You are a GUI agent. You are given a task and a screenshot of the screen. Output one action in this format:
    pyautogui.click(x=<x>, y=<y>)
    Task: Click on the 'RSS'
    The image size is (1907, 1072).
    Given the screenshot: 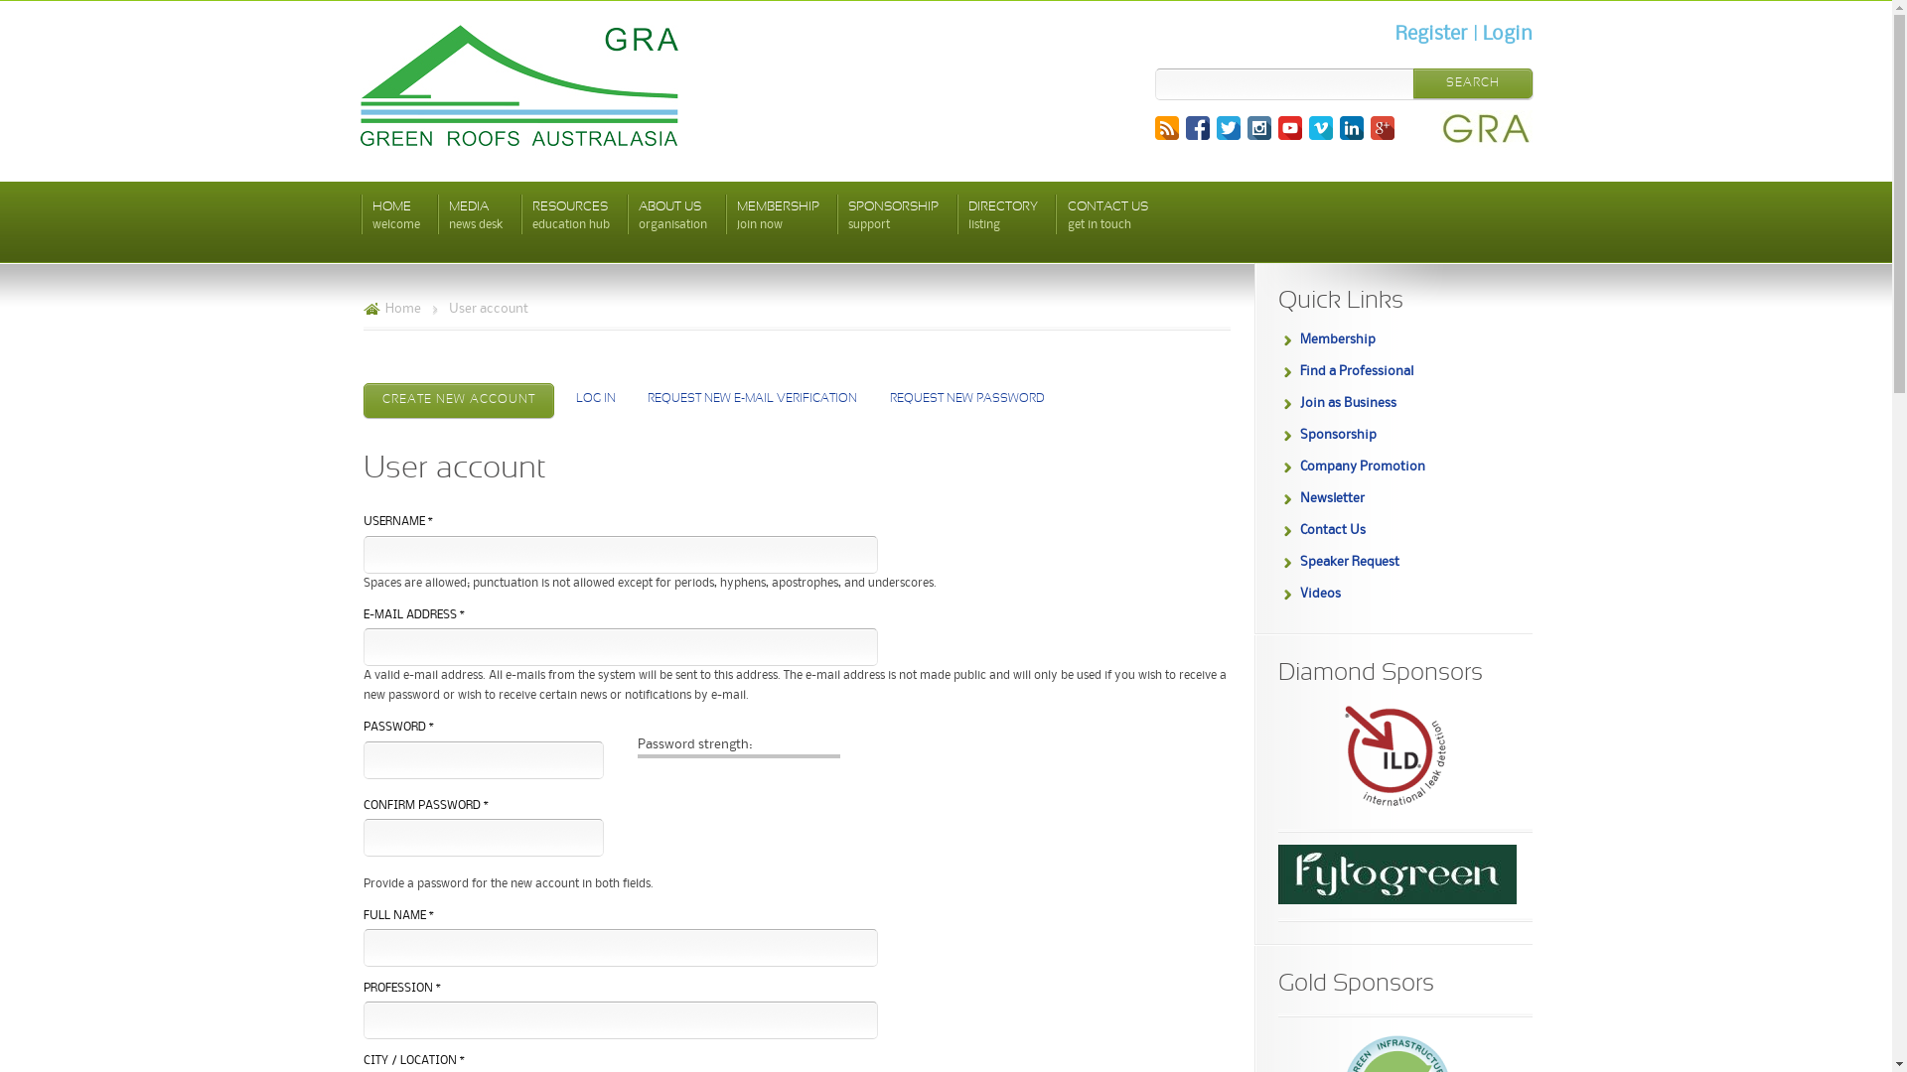 What is the action you would take?
    pyautogui.click(x=1153, y=130)
    